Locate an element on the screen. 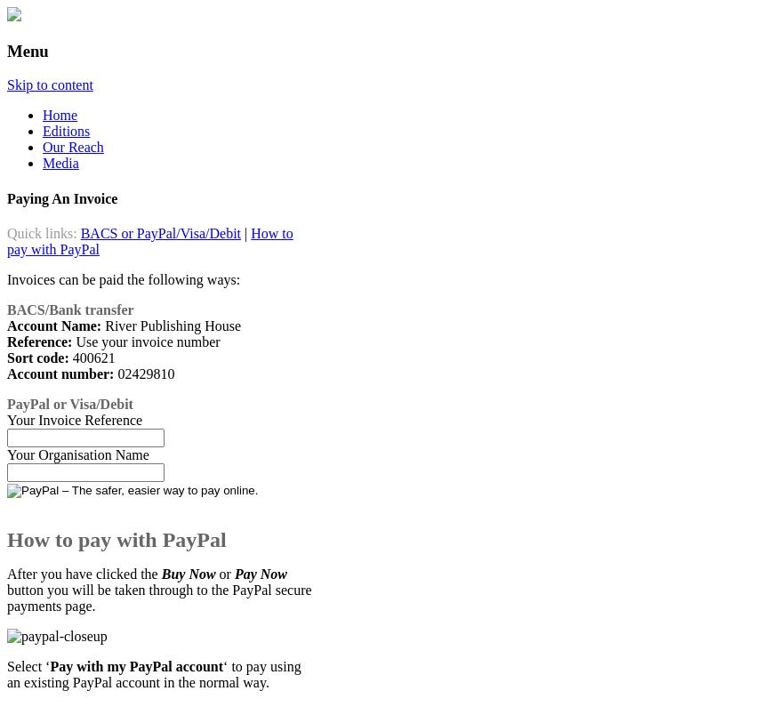  'Account Name:' is located at coordinates (53, 324).